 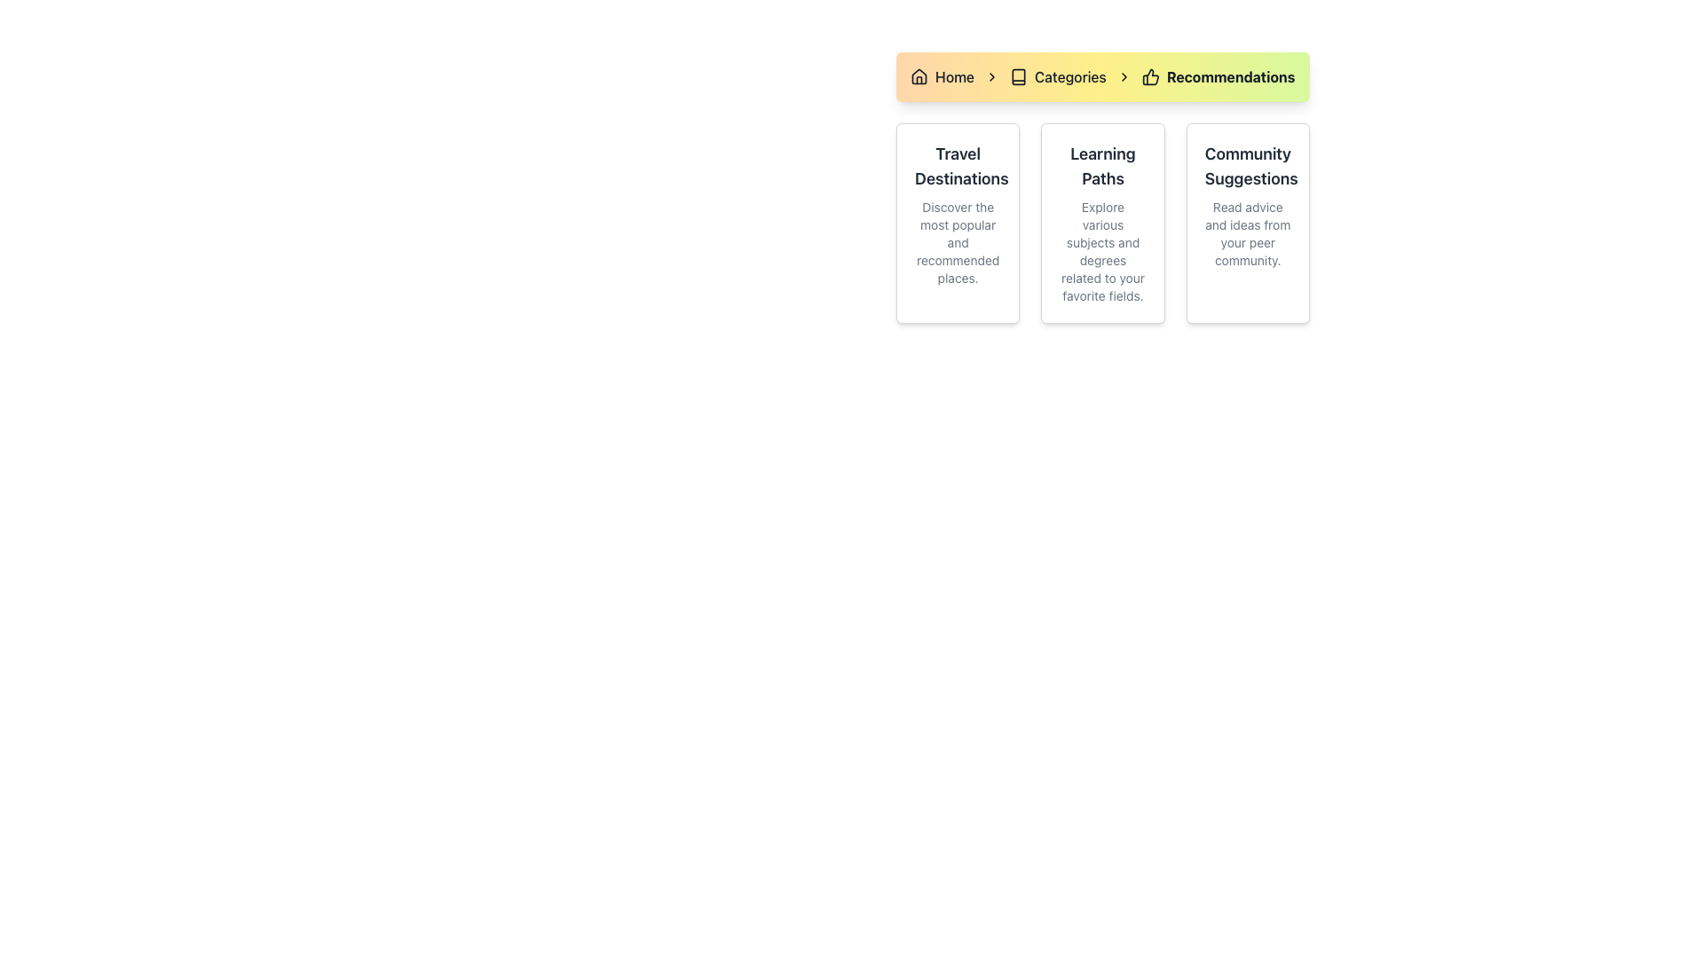 I want to click on the first Informational Card, which provides information about popular travel destinations, located in a grid layout to the left of the 'Learning Paths' and 'Community Suggestions' cards, so click(x=957, y=222).